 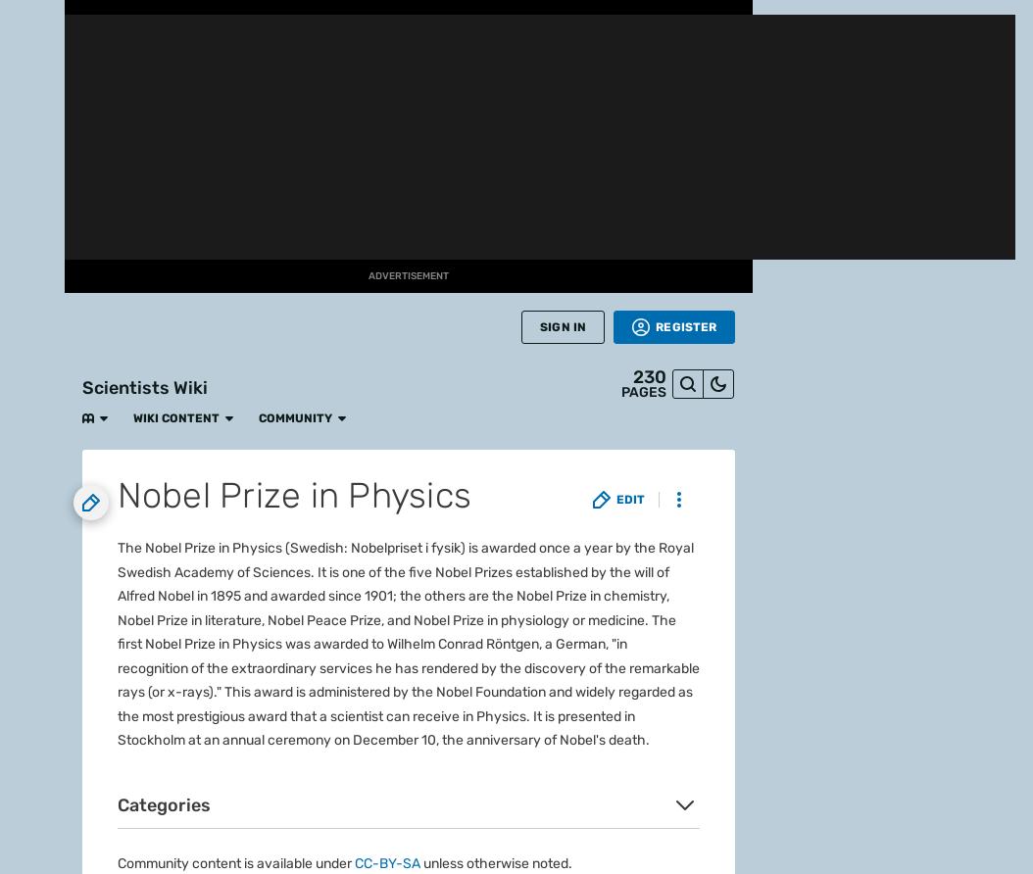 What do you see at coordinates (134, 341) in the screenshot?
I see `'What is Fandom?'` at bounding box center [134, 341].